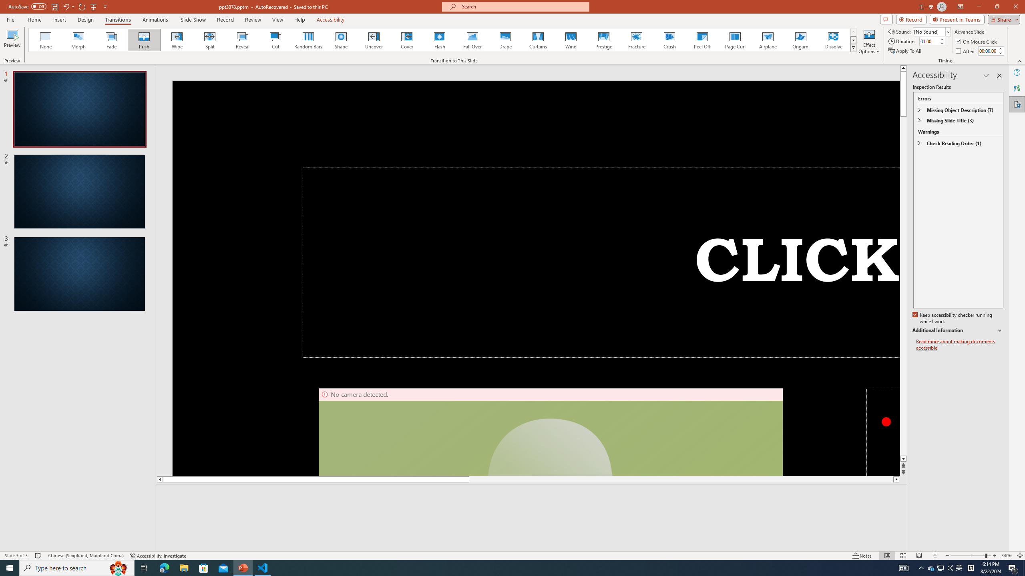 This screenshot has height=576, width=1025. What do you see at coordinates (243, 40) in the screenshot?
I see `'Reveal'` at bounding box center [243, 40].